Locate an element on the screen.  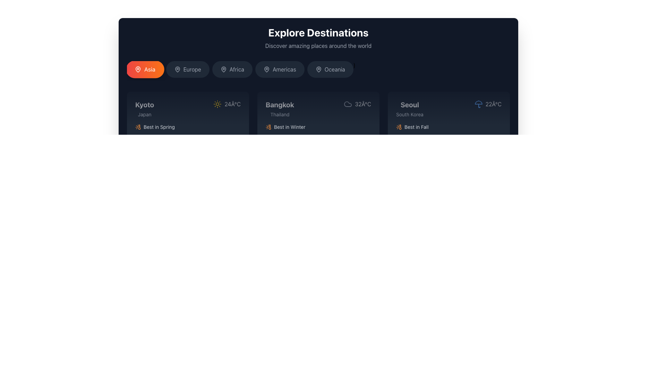
the third card on the right in the horizontally arranged grid is located at coordinates (449, 130).